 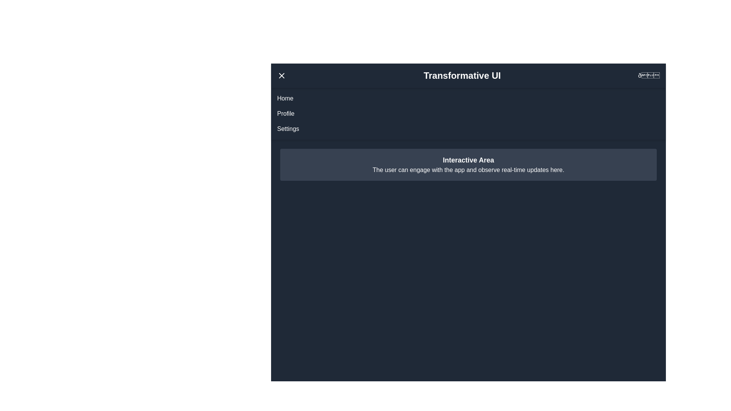 What do you see at coordinates (648, 76) in the screenshot?
I see `the sun/moon button to toggle between dark and light mode` at bounding box center [648, 76].